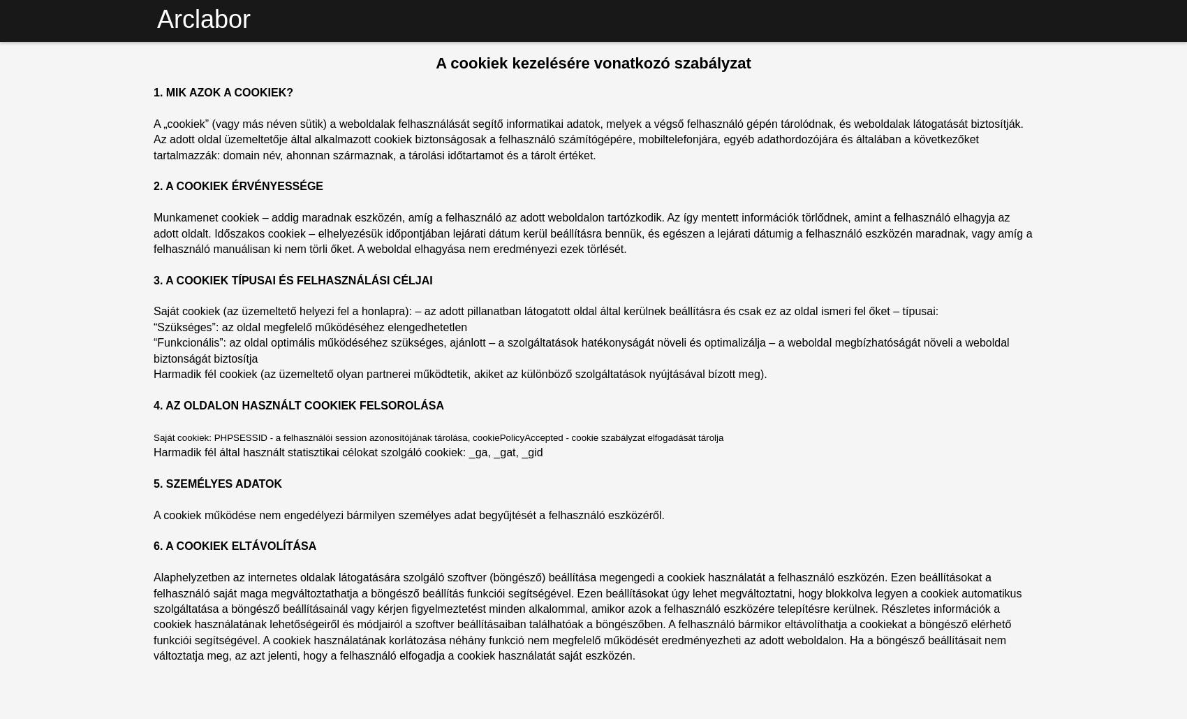 The width and height of the screenshot is (1187, 719). What do you see at coordinates (153, 139) in the screenshot?
I see `'A „cookiek” (vagy más néven sütik) a weboldalak felhasználását segítő informatikai adatok, melyek a végső felhasználó gépén tárolódnak, és weboldalak látogatását biztosítják. Az adott oldal üzemeltetője által alkalmazott cookiek biztonságosak a felhasználó számítógépére, mobiltelefonjára, egyéb adathordozójára és általában a következőket tartalmazzák: domain név, ahonnan származnak, a tárolási időtartamot és a tárolt értéket.'` at bounding box center [153, 139].